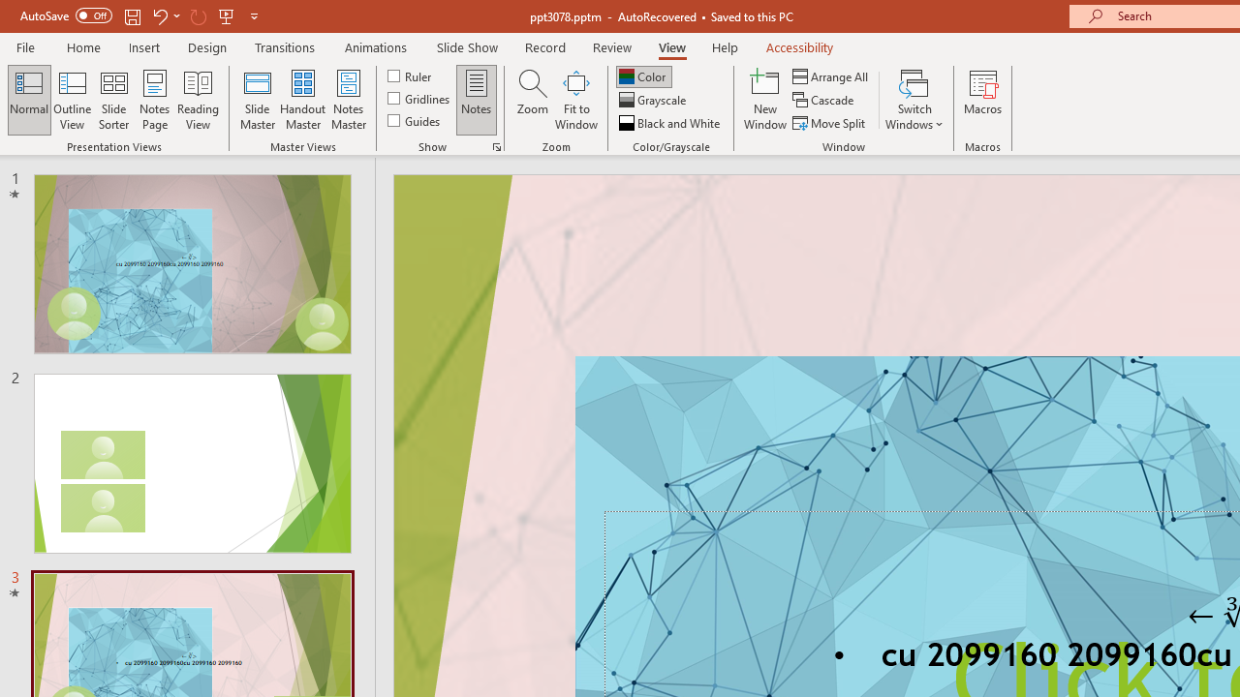 The width and height of the screenshot is (1240, 697). What do you see at coordinates (914, 100) in the screenshot?
I see `'Switch Windows'` at bounding box center [914, 100].